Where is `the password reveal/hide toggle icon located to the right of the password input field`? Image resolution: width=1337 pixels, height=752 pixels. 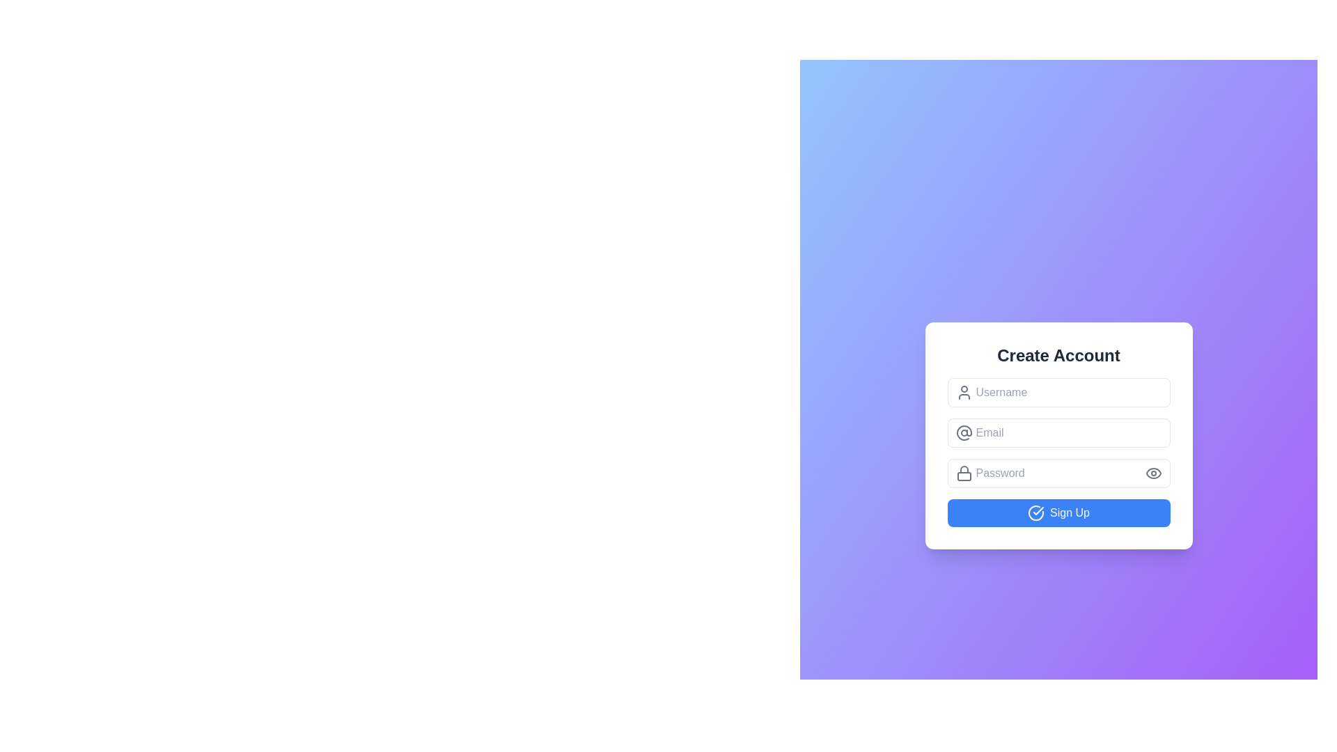
the password reveal/hide toggle icon located to the right of the password input field is located at coordinates (1153, 472).